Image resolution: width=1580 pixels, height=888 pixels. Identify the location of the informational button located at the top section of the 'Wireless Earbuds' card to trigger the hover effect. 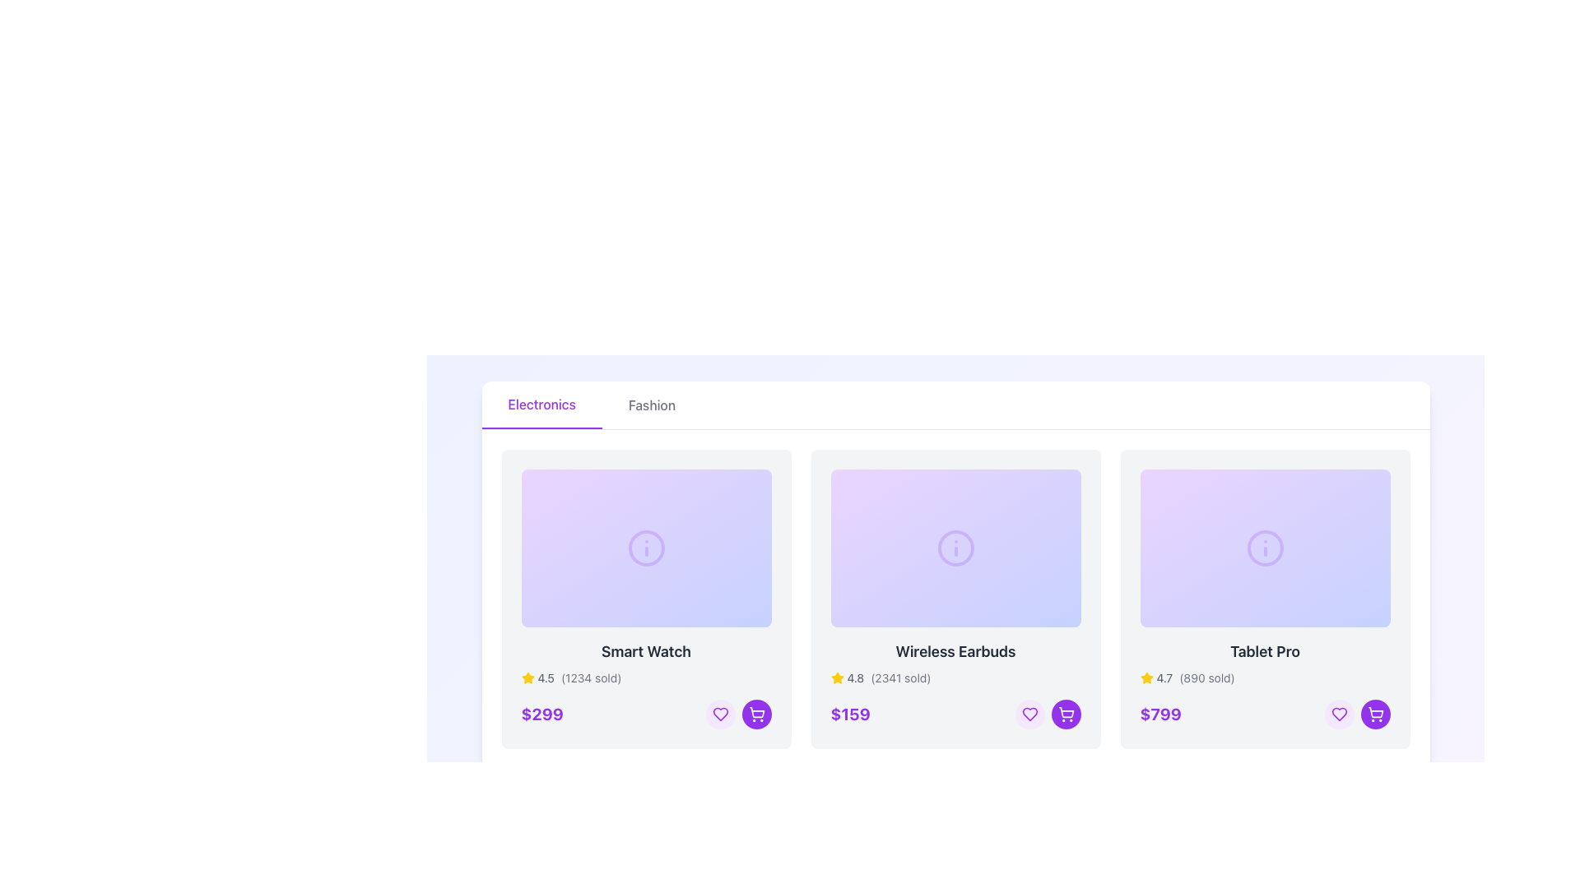
(955, 548).